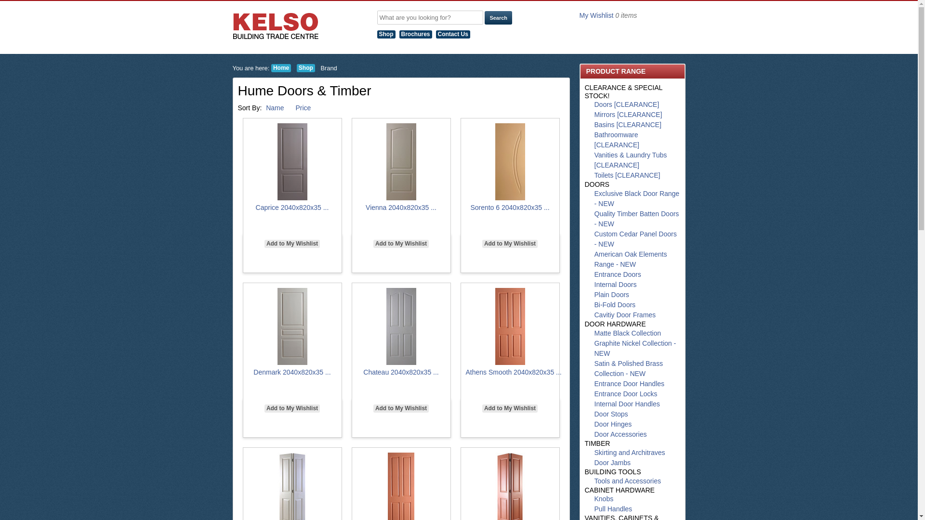  Describe the element at coordinates (275, 26) in the screenshot. I see `'Kelso Building Trade Centre'` at that location.